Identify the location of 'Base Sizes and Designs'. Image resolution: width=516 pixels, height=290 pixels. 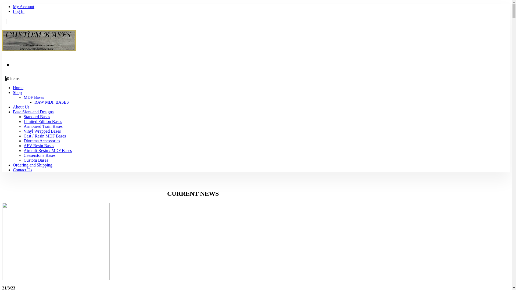
(33, 111).